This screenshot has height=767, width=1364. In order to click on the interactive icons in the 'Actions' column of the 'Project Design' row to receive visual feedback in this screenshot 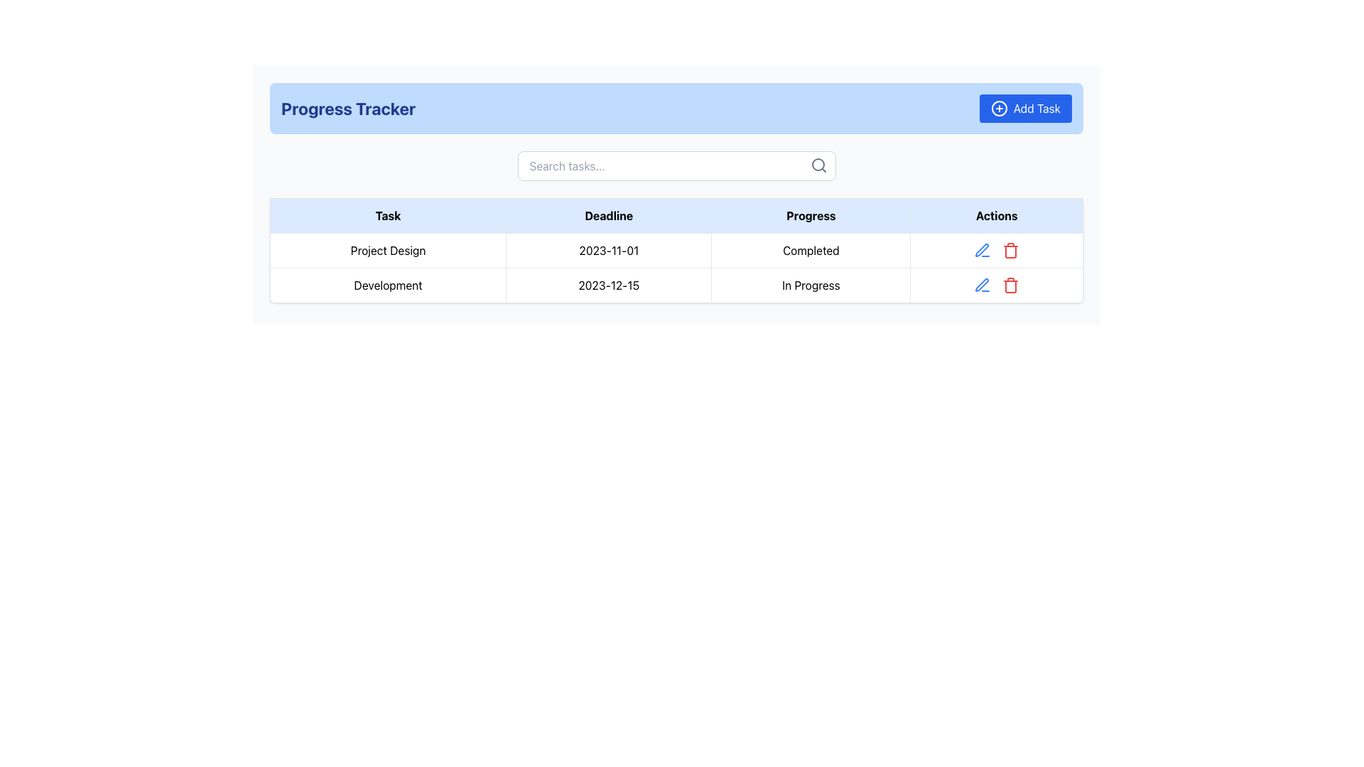, I will do `click(996, 250)`.